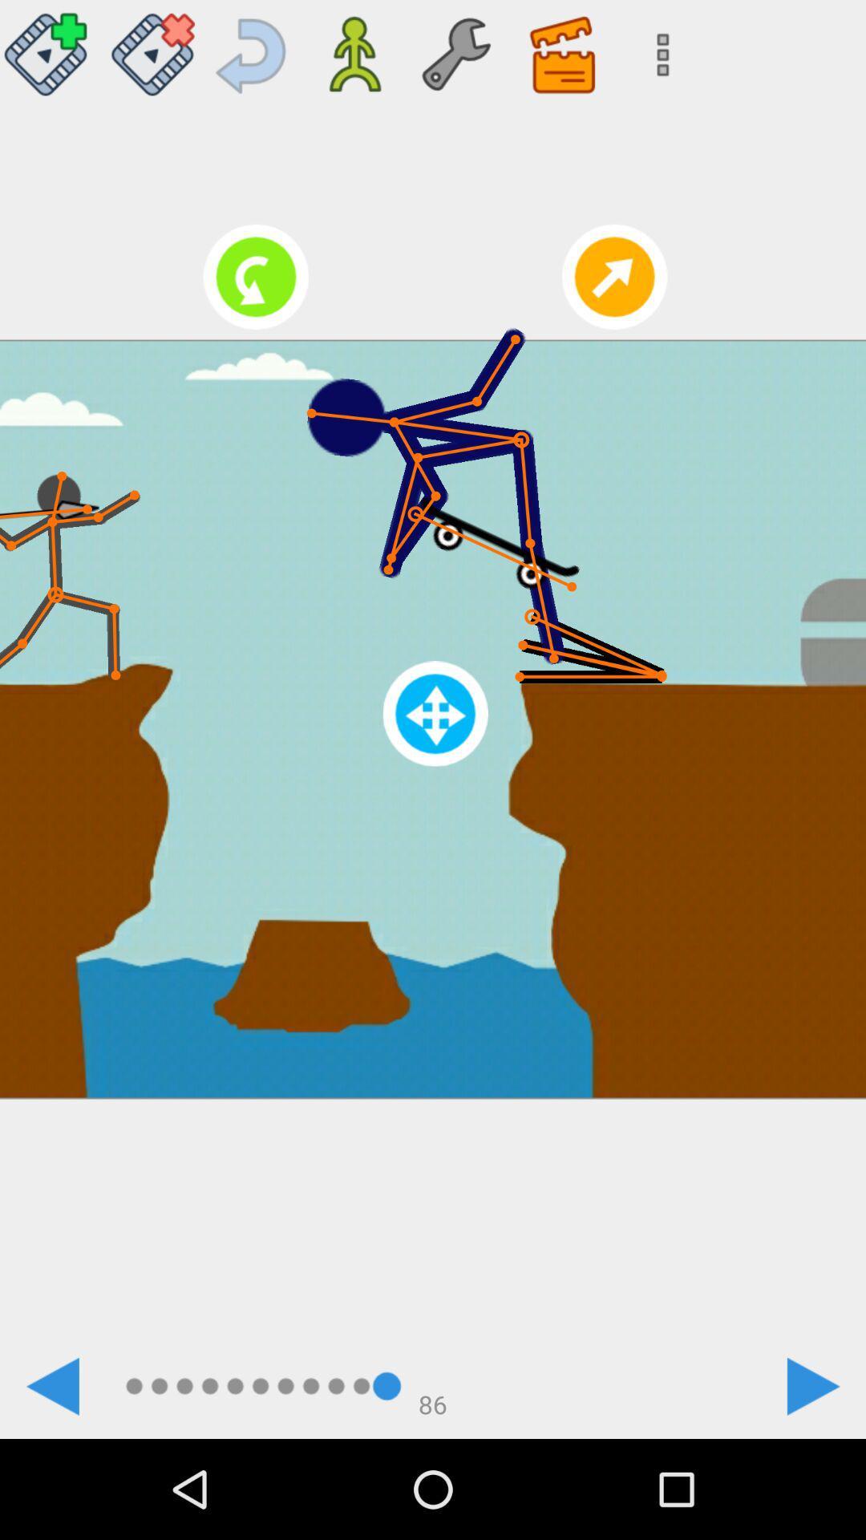  I want to click on delete video, so click(152, 48).